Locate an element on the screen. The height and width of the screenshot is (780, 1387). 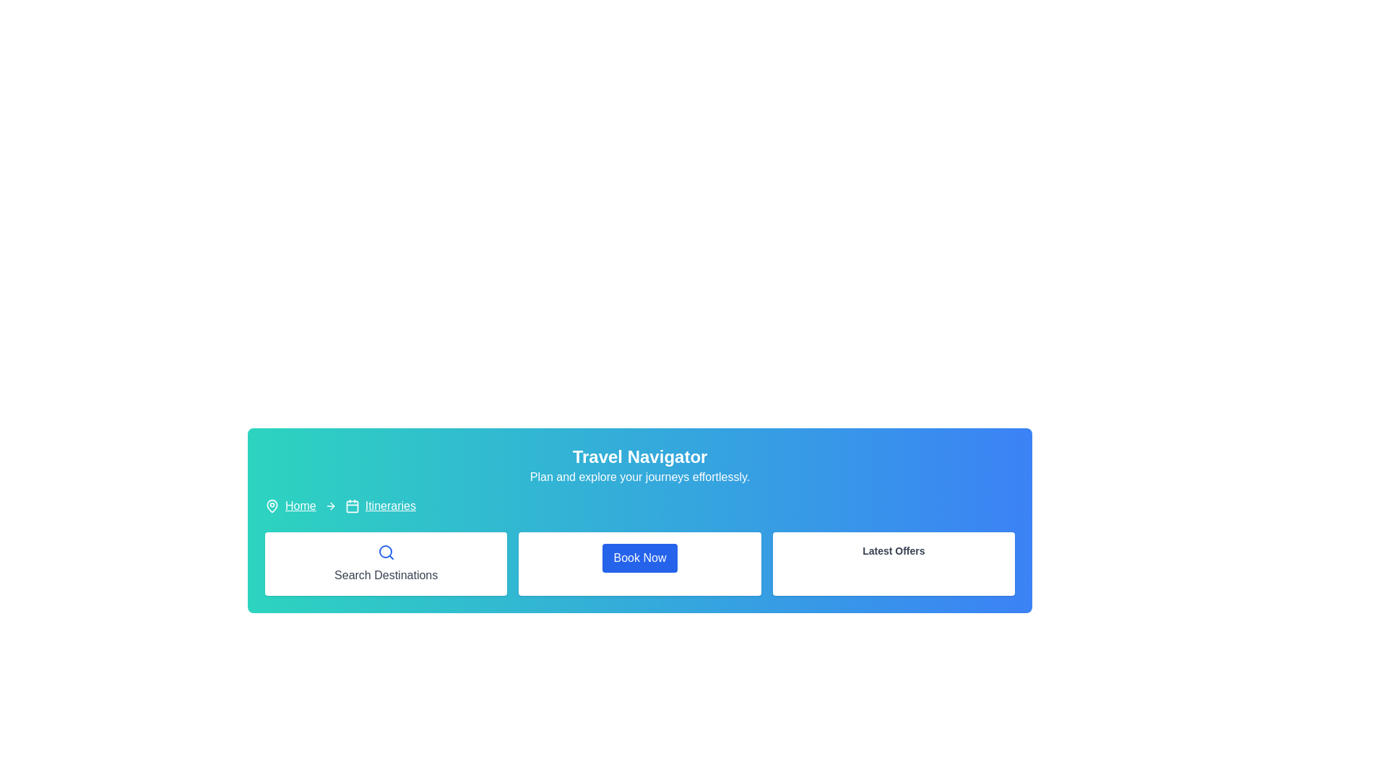
the search icon located above the text 'Search Destinations' in the leftmost white card of the three cards in the center section to initiate a search action is located at coordinates (386, 552).